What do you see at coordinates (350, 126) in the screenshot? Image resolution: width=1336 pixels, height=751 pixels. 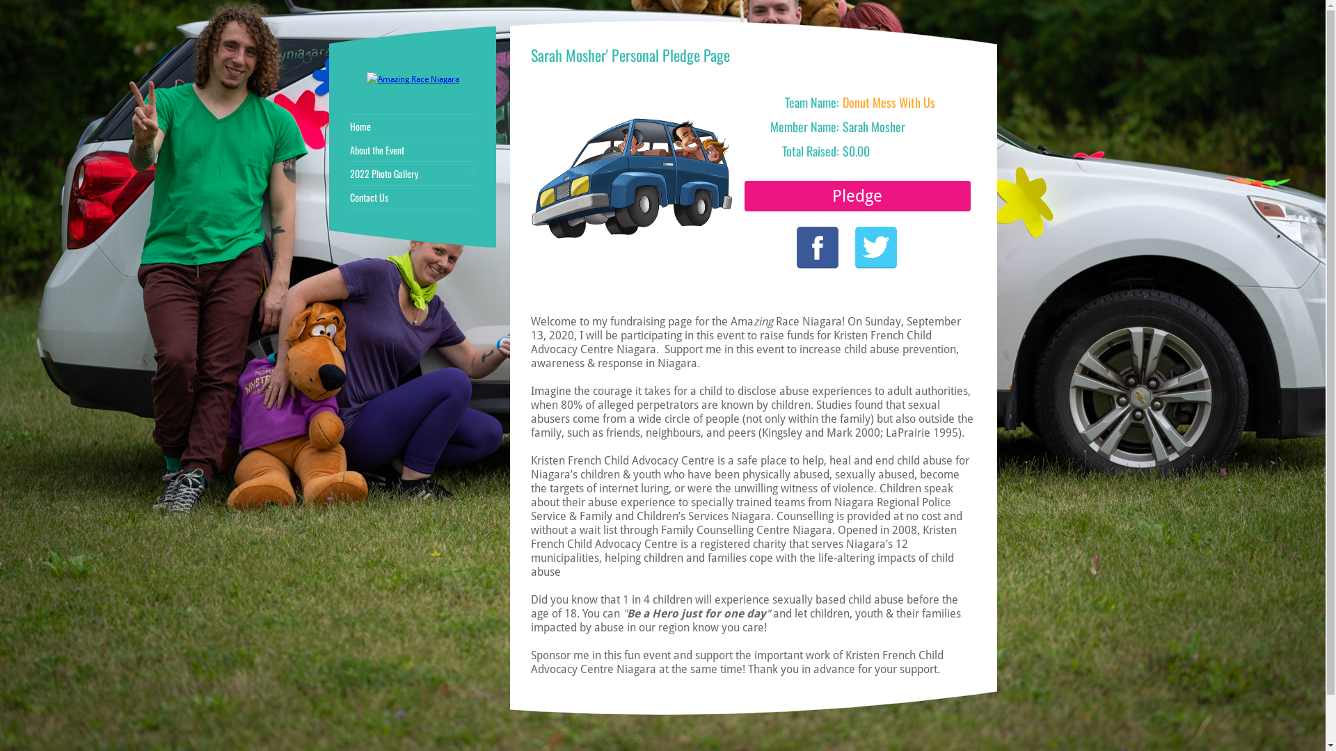 I see `'Home'` at bounding box center [350, 126].